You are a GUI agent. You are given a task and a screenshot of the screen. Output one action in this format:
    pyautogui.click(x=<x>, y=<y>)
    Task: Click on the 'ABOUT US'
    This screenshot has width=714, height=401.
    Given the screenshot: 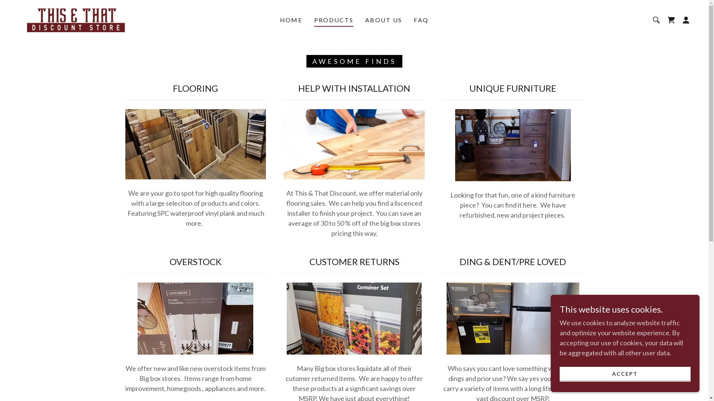 What is the action you would take?
    pyautogui.click(x=383, y=20)
    